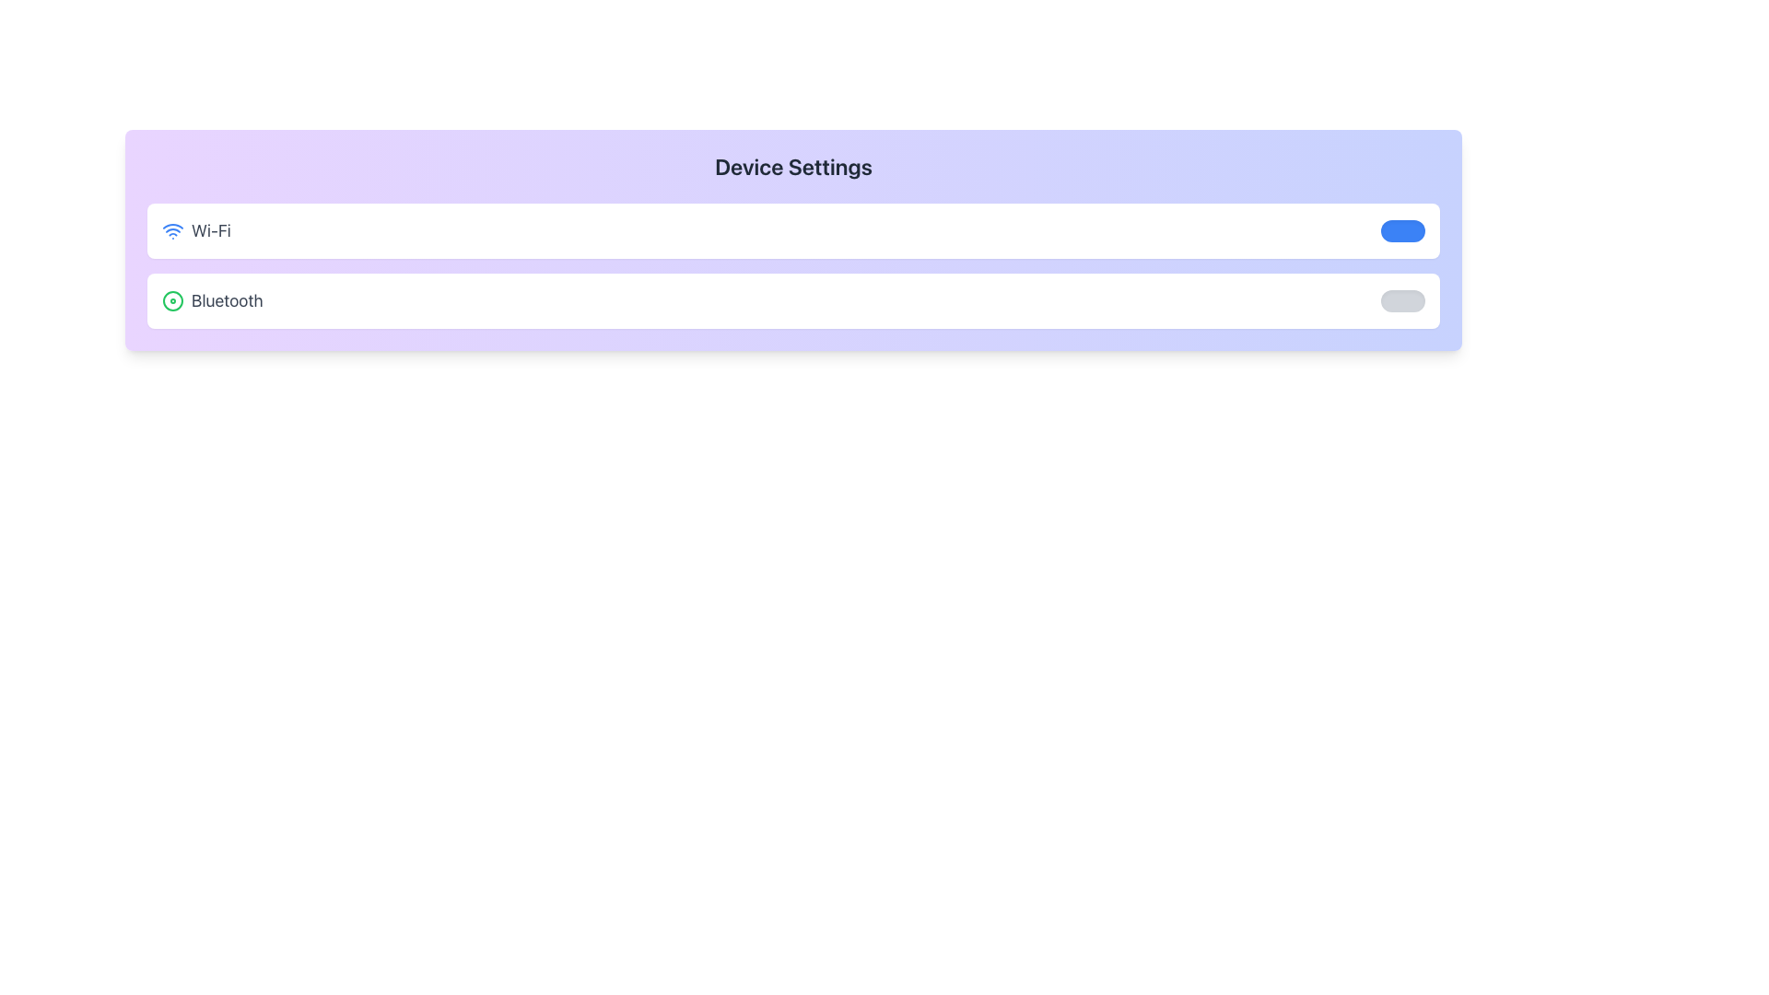 The height and width of the screenshot is (995, 1769). What do you see at coordinates (172, 300) in the screenshot?
I see `the circular SVG shape with a green outline adjacent to the 'Bluetooth' label` at bounding box center [172, 300].